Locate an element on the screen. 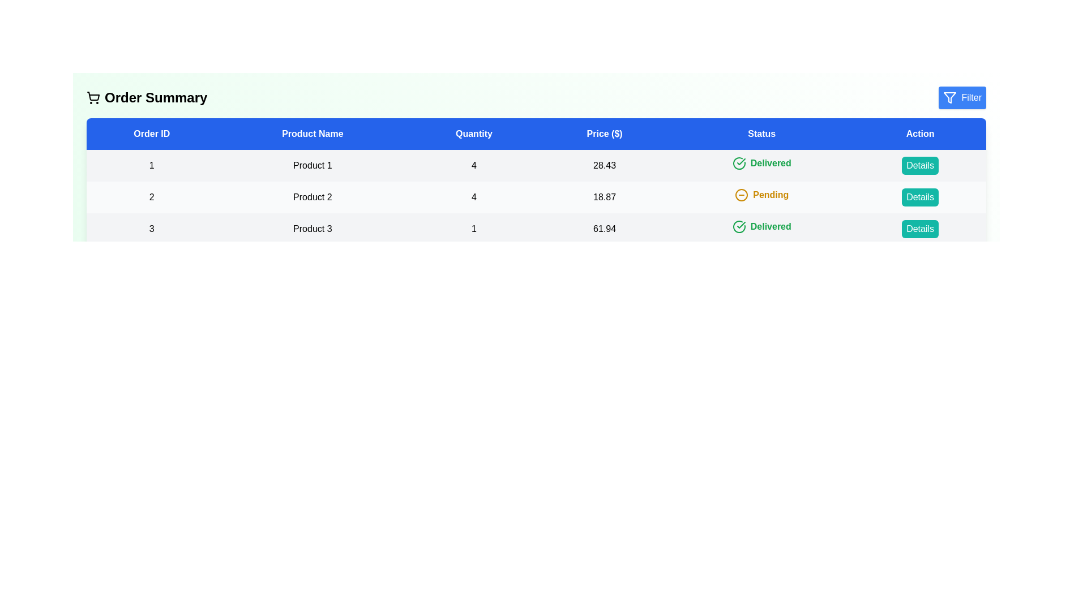 The width and height of the screenshot is (1087, 611). the 'Details' button for the order with ID 1 is located at coordinates (920, 166).